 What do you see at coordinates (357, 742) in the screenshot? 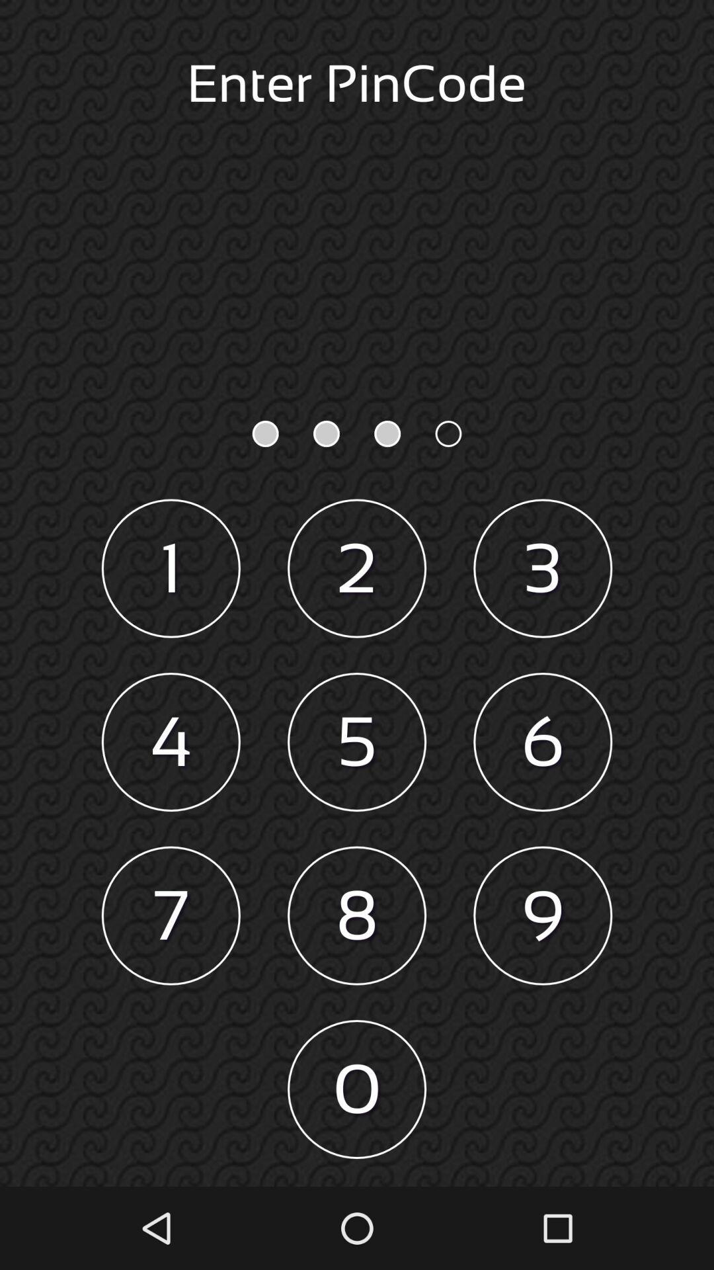
I see `item next to the 4 icon` at bounding box center [357, 742].